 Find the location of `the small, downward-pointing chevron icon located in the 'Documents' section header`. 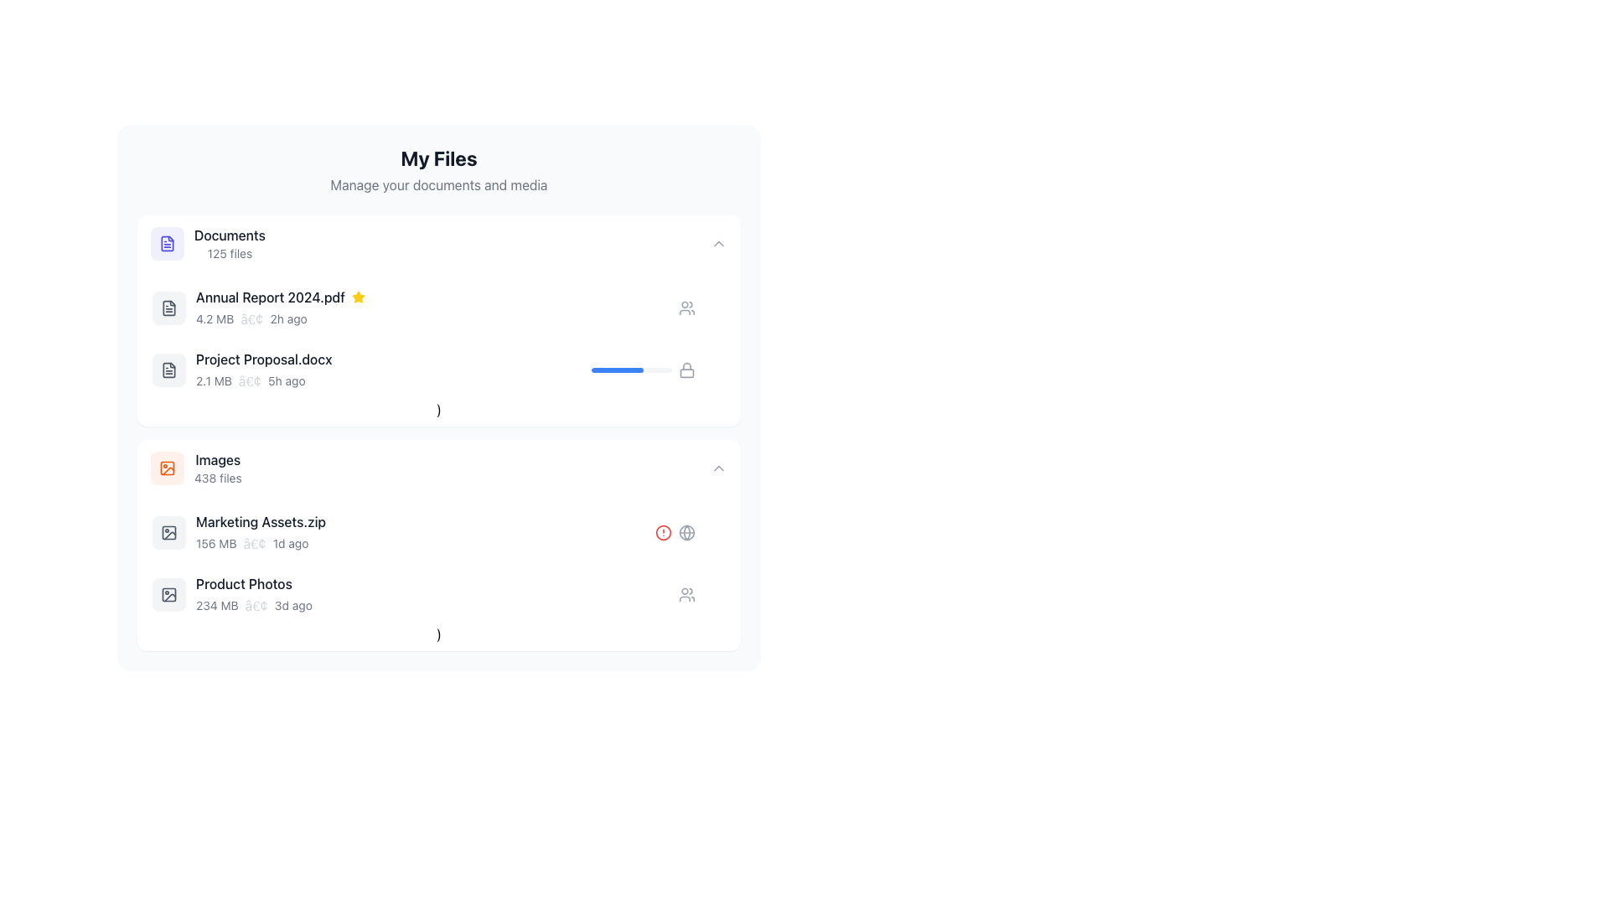

the small, downward-pointing chevron icon located in the 'Documents' section header is located at coordinates (719, 243).